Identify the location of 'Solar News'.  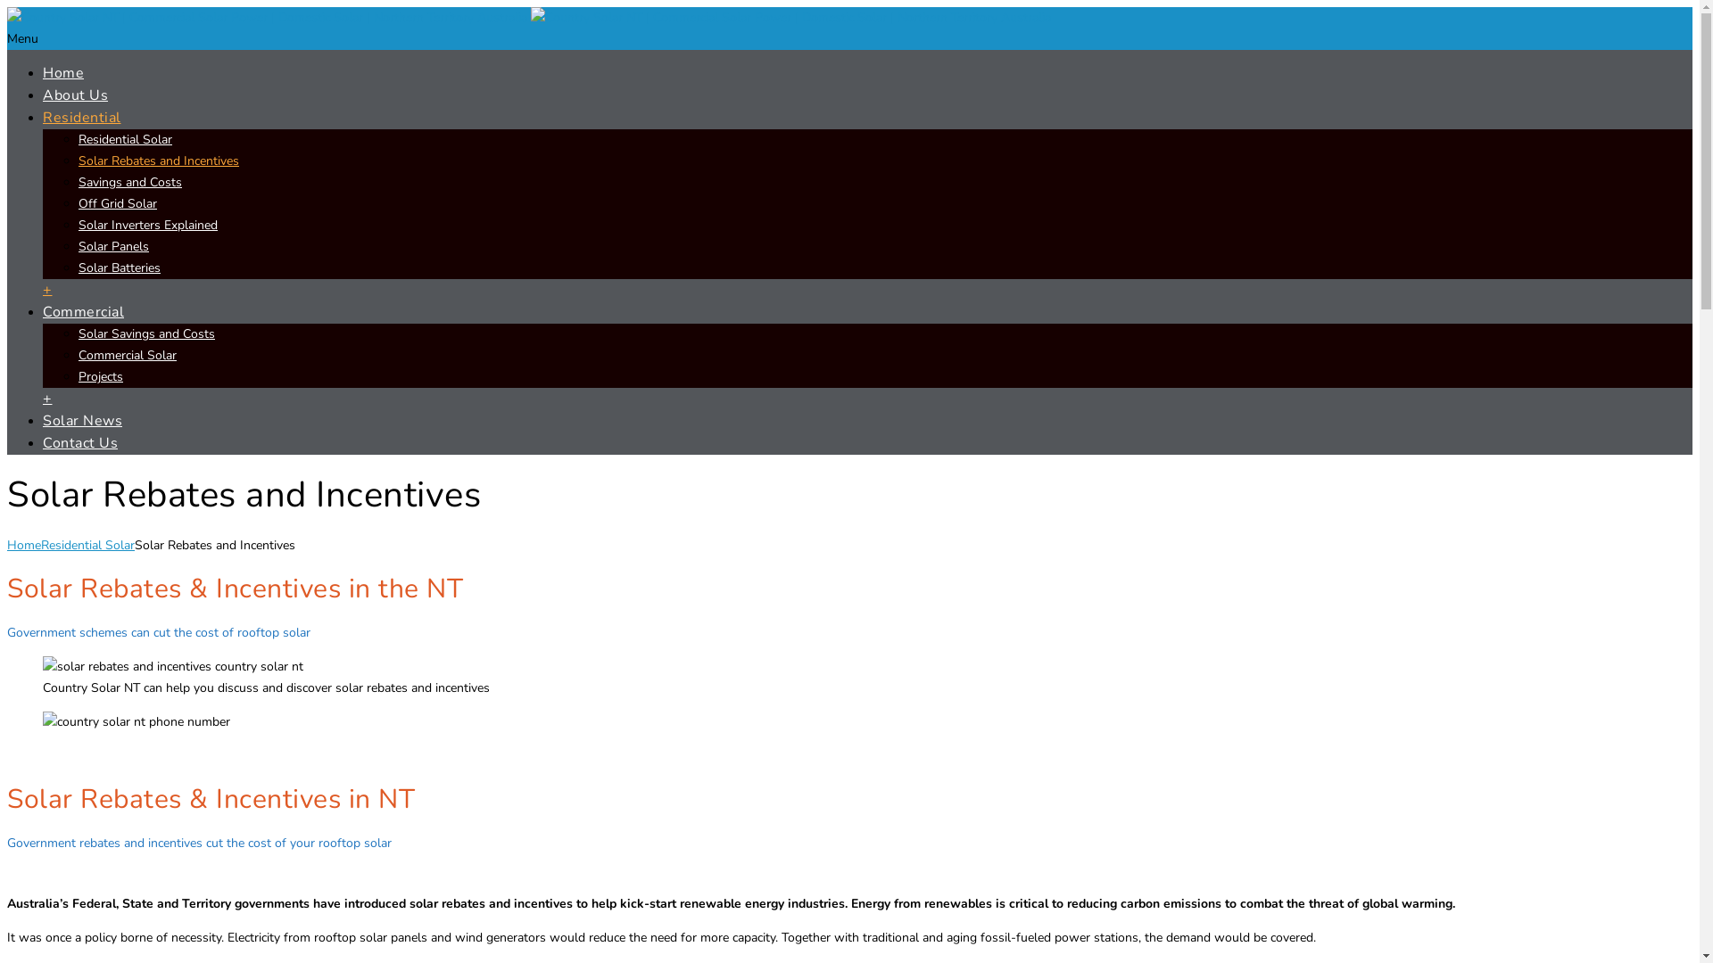
(43, 420).